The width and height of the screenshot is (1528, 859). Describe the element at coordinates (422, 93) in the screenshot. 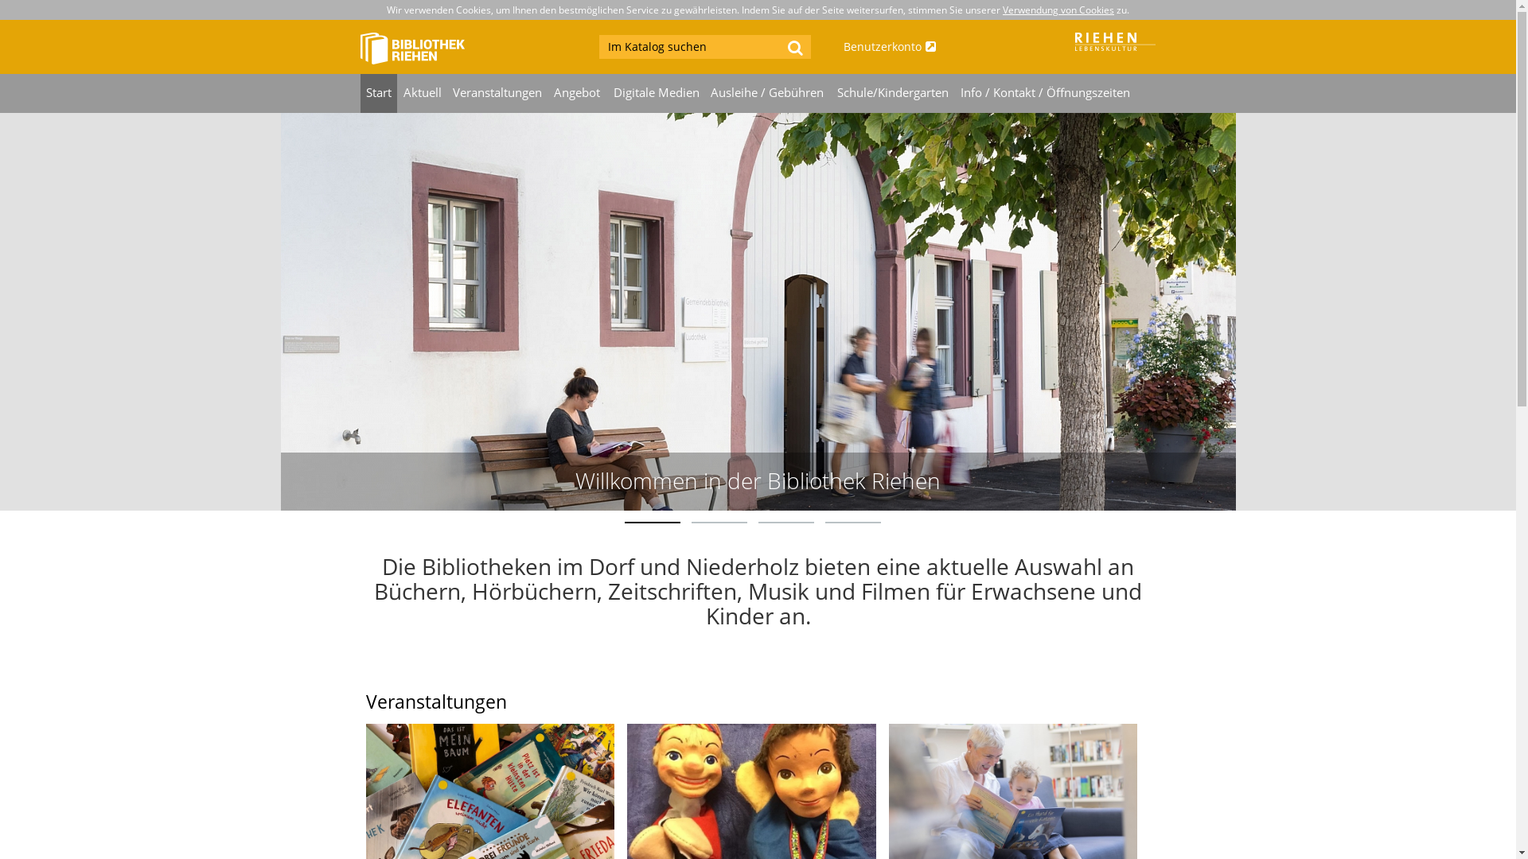

I see `'Aktuell'` at that location.